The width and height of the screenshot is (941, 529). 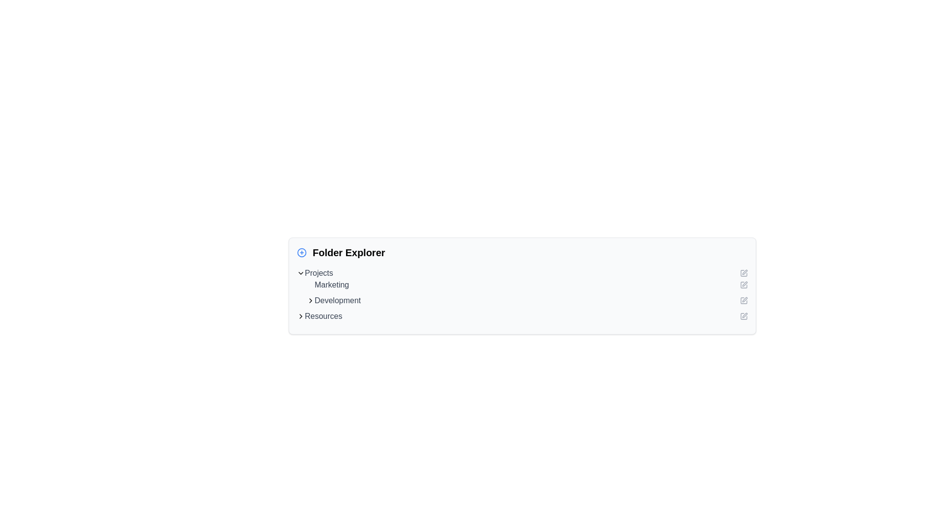 I want to click on the right-facing chevron icon located to the left of the 'Development' label in the 'Folder Explorer' section for potential hover effects, so click(x=310, y=300).